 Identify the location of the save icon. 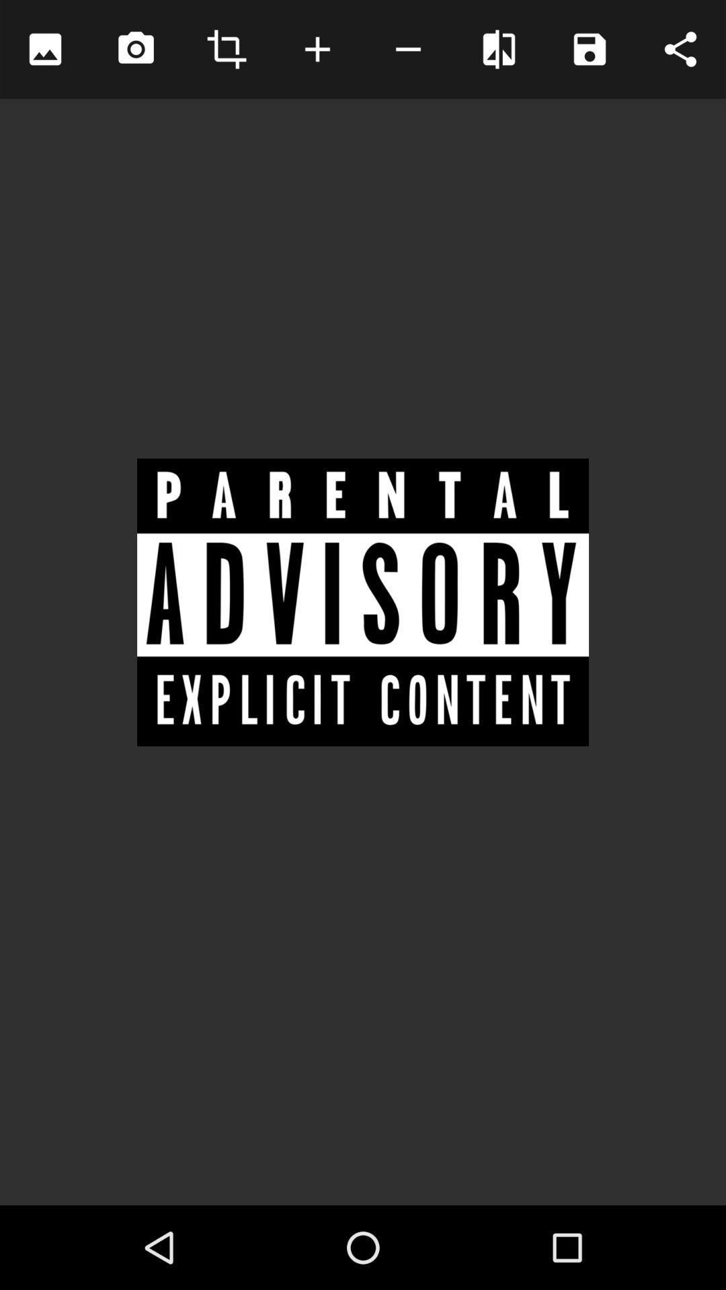
(589, 49).